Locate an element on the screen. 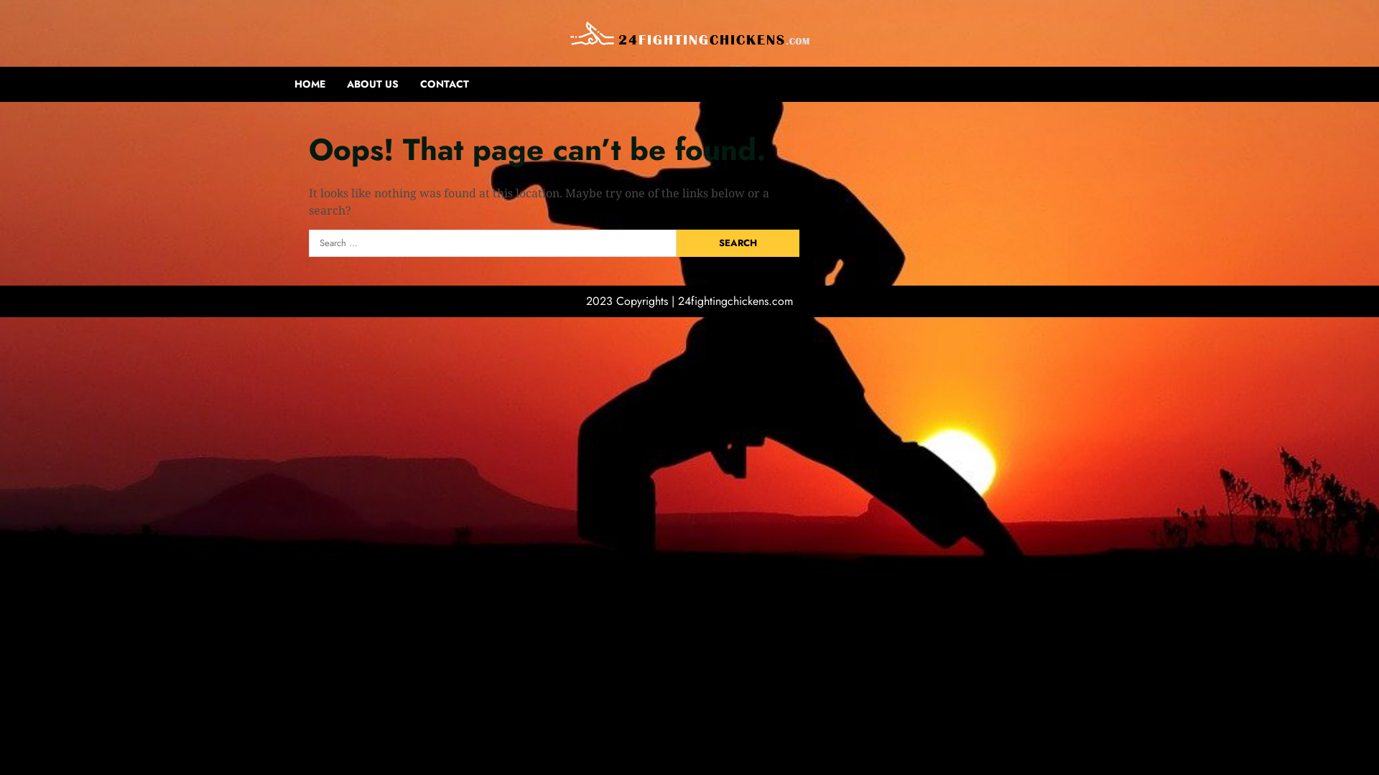 Image resolution: width=1379 pixels, height=775 pixels. 'Search' is located at coordinates (675, 243).